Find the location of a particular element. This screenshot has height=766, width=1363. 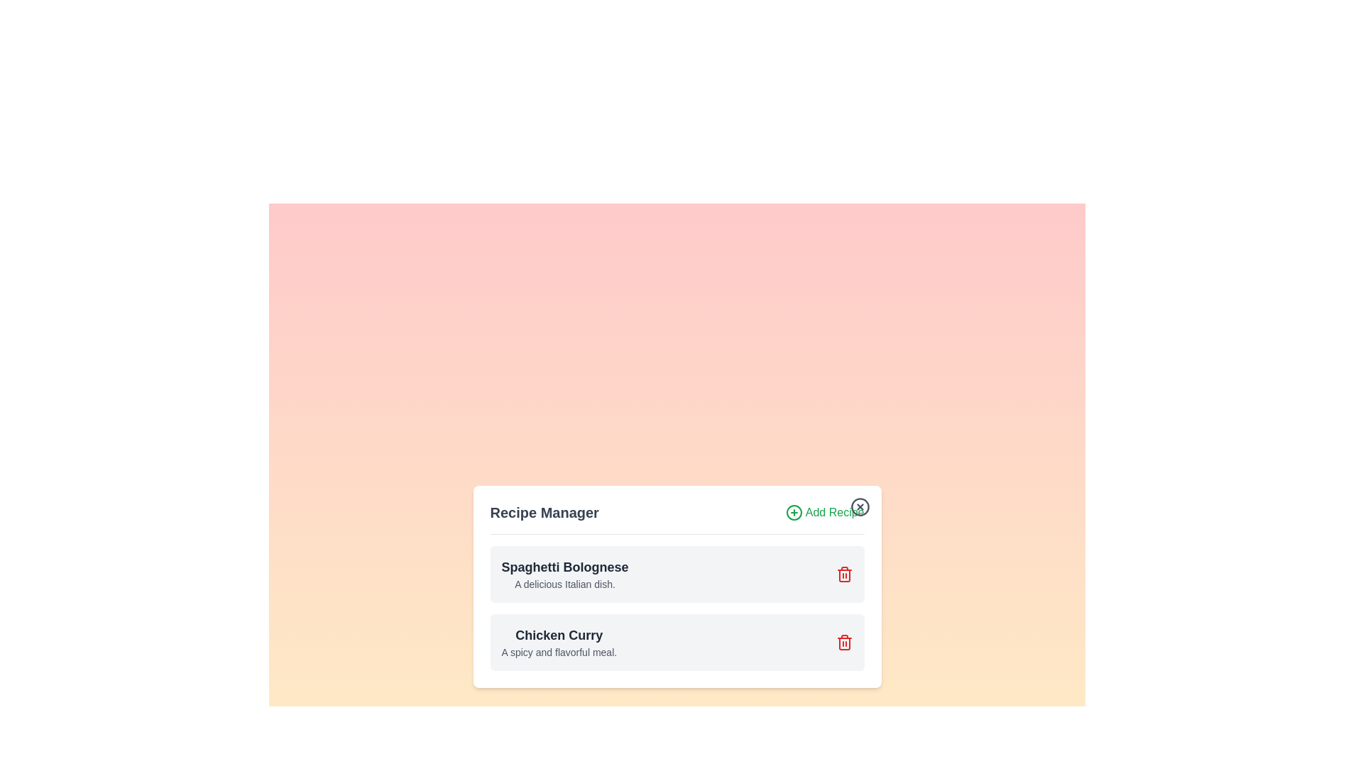

the 'Chicken Curry' text label is located at coordinates (558, 634).